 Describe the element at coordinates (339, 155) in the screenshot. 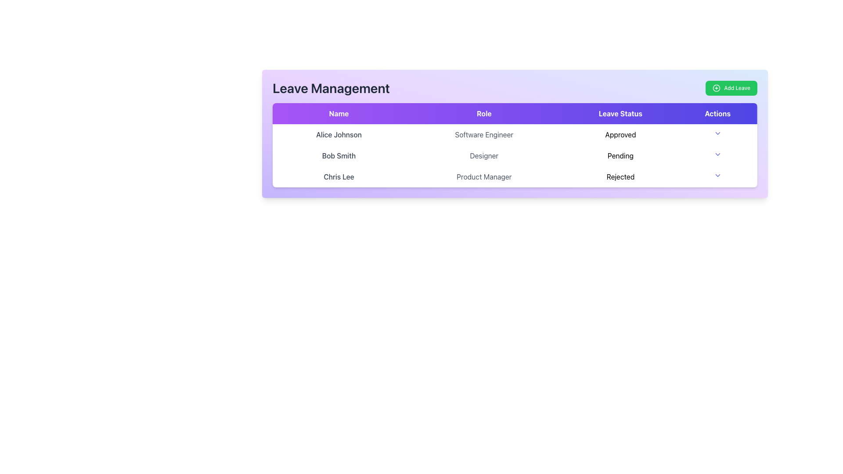

I see `the informational text label displaying the name 'Bob Smith' located in the second row of the table within the 'Name' column, positioned between 'Alice Johnson' and 'Chris Lee.'` at that location.